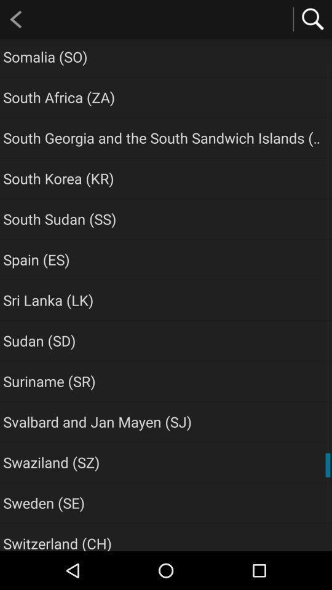 The image size is (332, 590). I want to click on app above the sudan (sd) icon, so click(47, 299).